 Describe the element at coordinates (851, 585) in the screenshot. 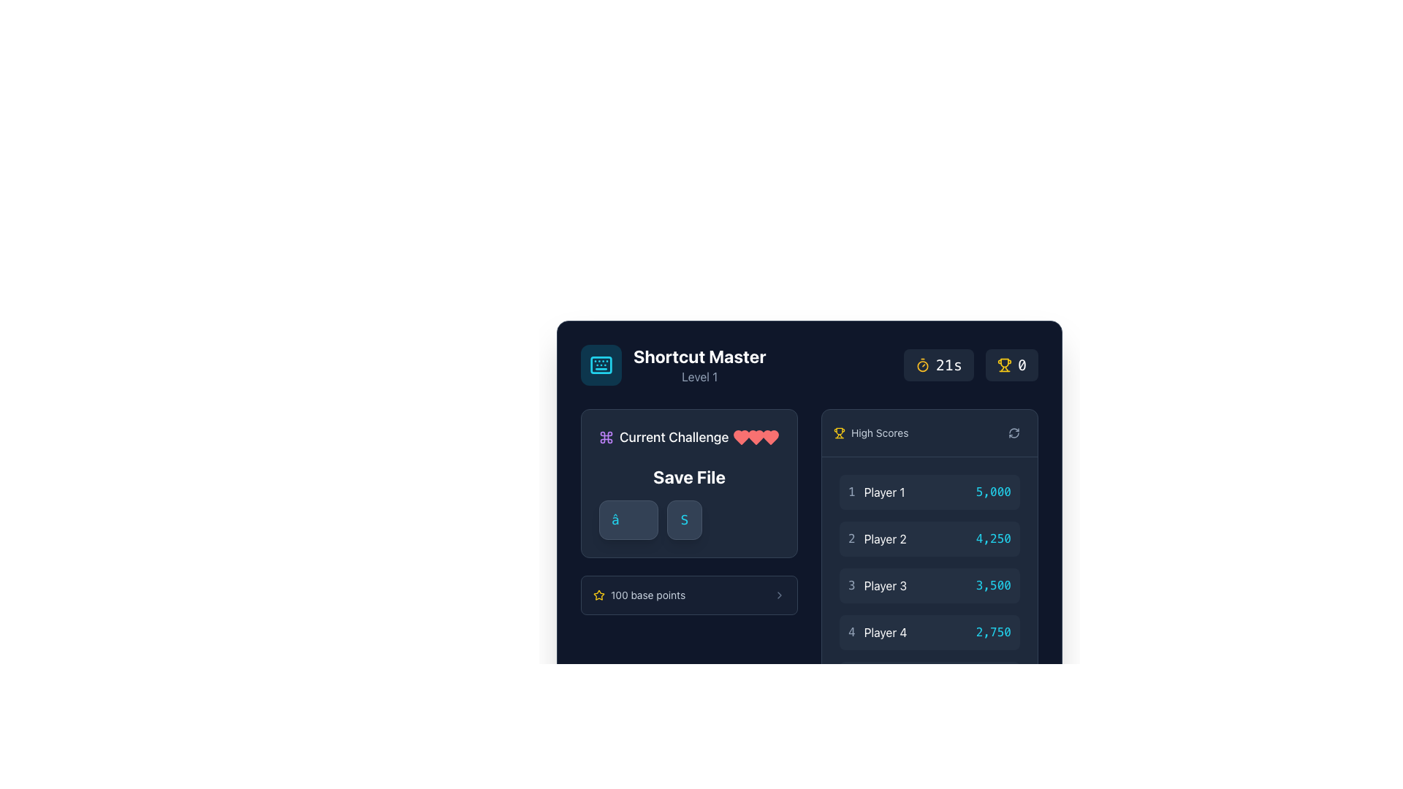

I see `the static text element displaying the character '3', which is styled in a monospace font and appears at the beginning of a row in the high scores leaderboard, located to the left of 'Player 3'` at that location.